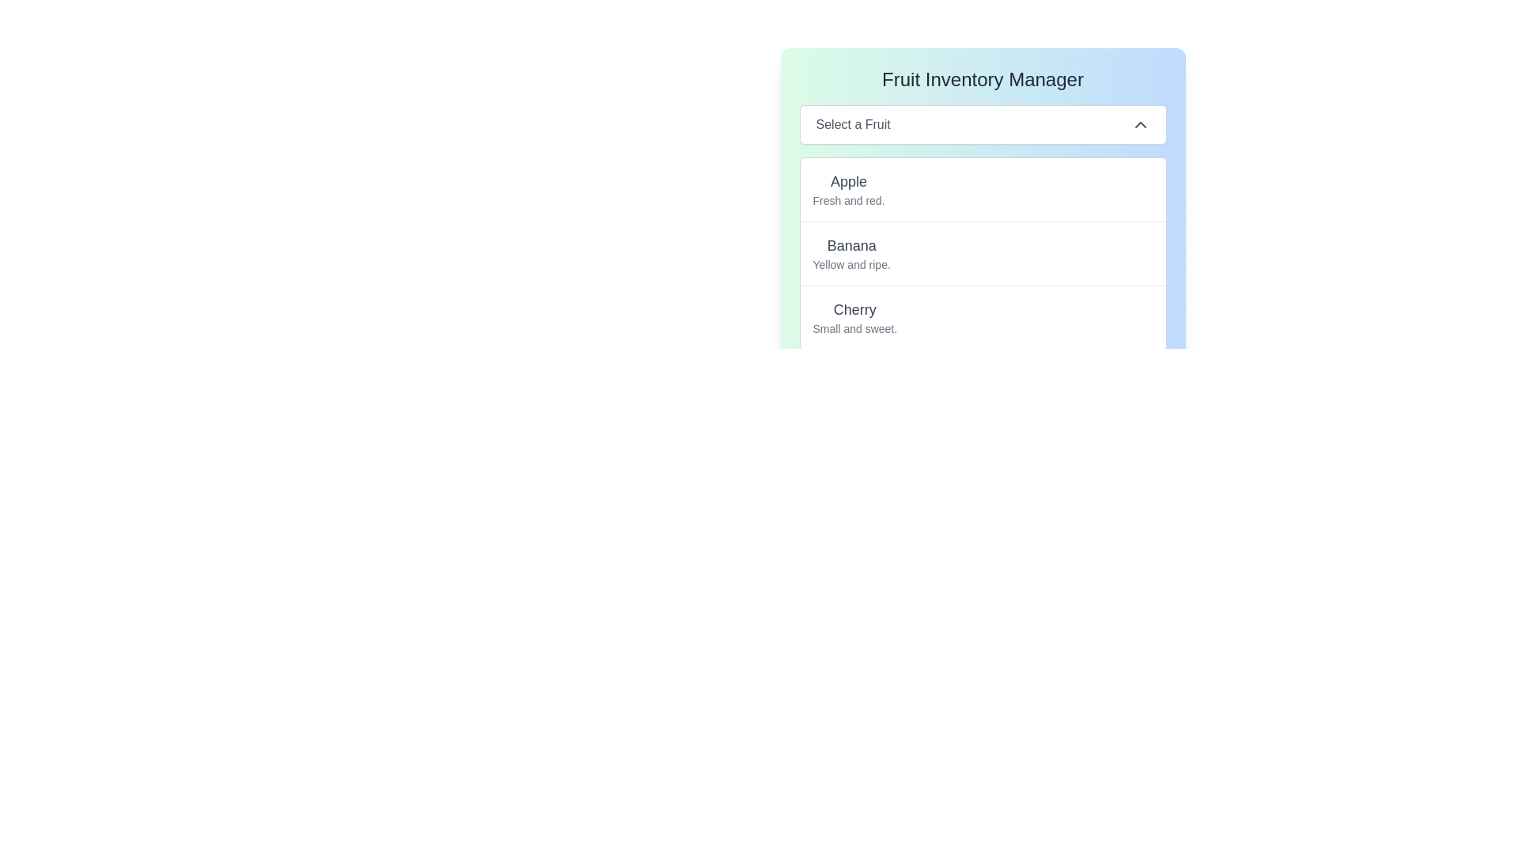 The height and width of the screenshot is (854, 1519). What do you see at coordinates (982, 188) in the screenshot?
I see `the text label identifying 'Apple' in the vertical list of fruits, positioned below the heading 'Select a Fruit.'` at bounding box center [982, 188].